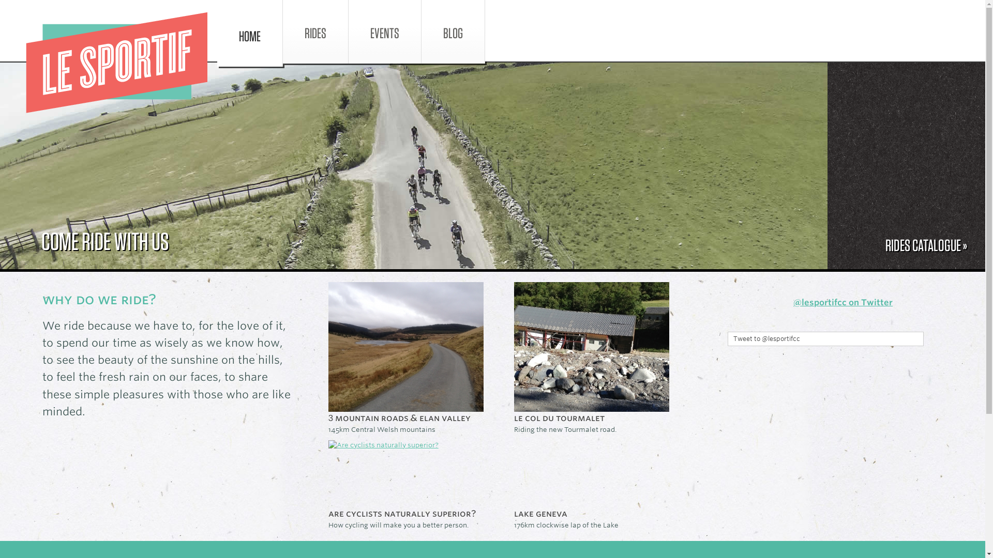 Image resolution: width=993 pixels, height=558 pixels. What do you see at coordinates (825, 338) in the screenshot?
I see `'Tweet to @lesportifcc'` at bounding box center [825, 338].